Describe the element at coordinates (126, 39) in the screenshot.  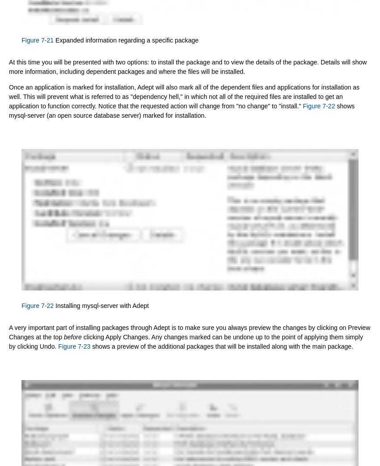
I see `'Expanded information regarding a specific package'` at that location.